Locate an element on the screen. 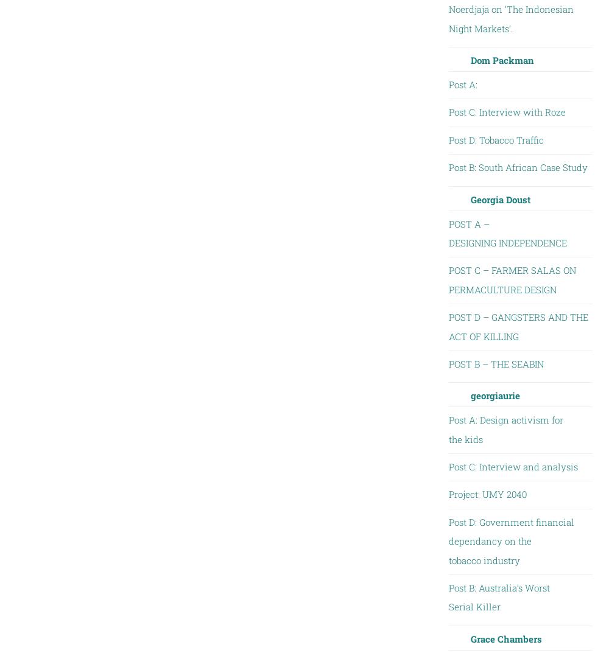 This screenshot has width=609, height=656. 'POST A – DESIGNING INDEPENDENCE' is located at coordinates (507, 233).